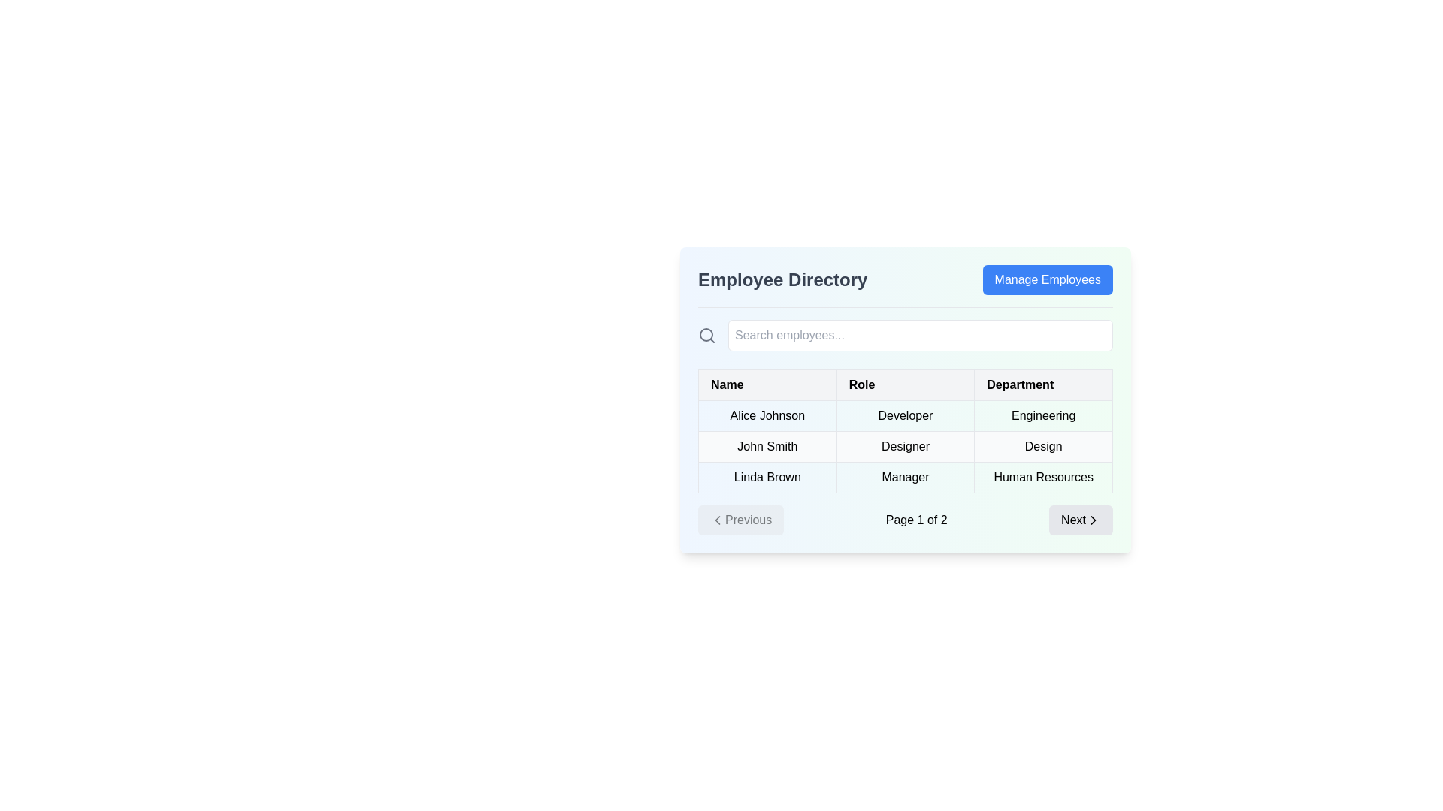 Image resolution: width=1443 pixels, height=811 pixels. I want to click on the Text label displaying 'Linda Brown' in the employee directory table, located in the third row under the 'Name' column, so click(767, 478).